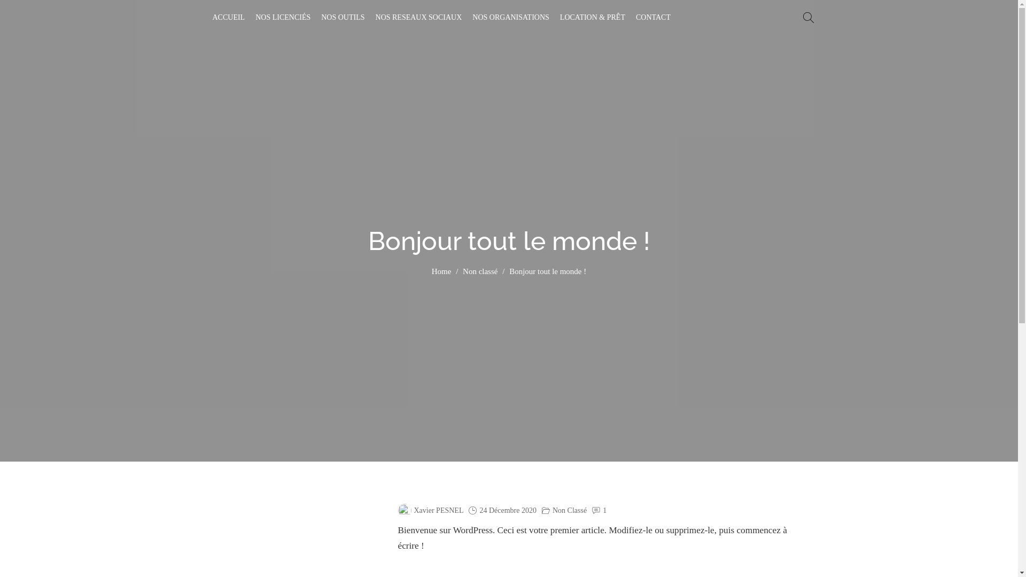 This screenshot has height=577, width=1026. What do you see at coordinates (228, 18) in the screenshot?
I see `'ACCUEIL'` at bounding box center [228, 18].